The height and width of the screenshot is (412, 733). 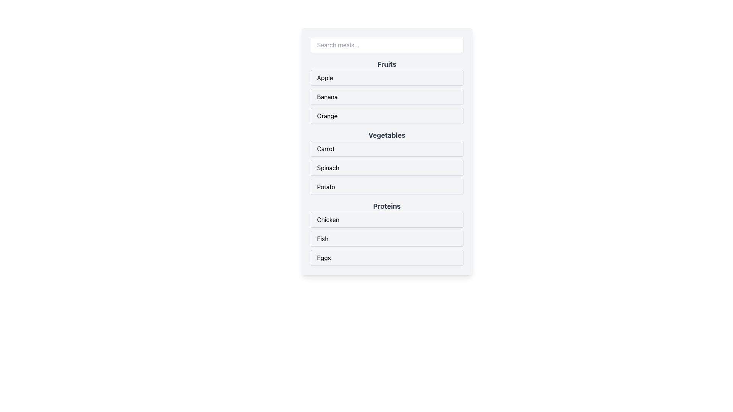 What do you see at coordinates (387, 135) in the screenshot?
I see `the header label that groups the list of vegetables, located centrally at the top of the section` at bounding box center [387, 135].